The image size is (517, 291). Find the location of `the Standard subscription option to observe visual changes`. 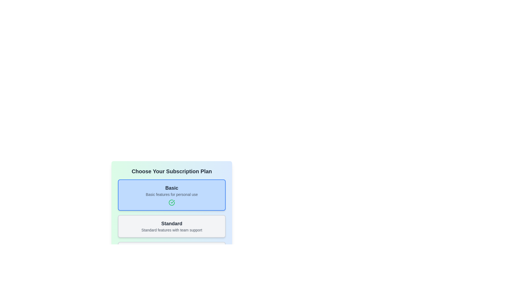

the Standard subscription option to observe visual changes is located at coordinates (172, 226).